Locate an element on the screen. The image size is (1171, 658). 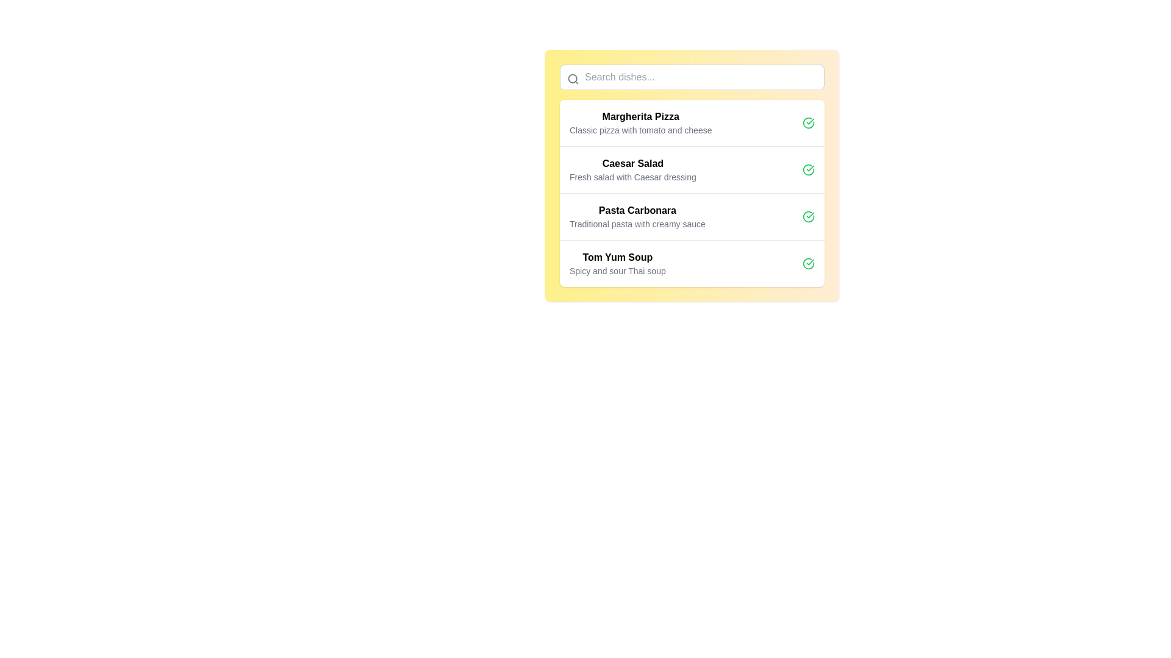
the 'Margherita Pizza' list item is located at coordinates (692, 122).